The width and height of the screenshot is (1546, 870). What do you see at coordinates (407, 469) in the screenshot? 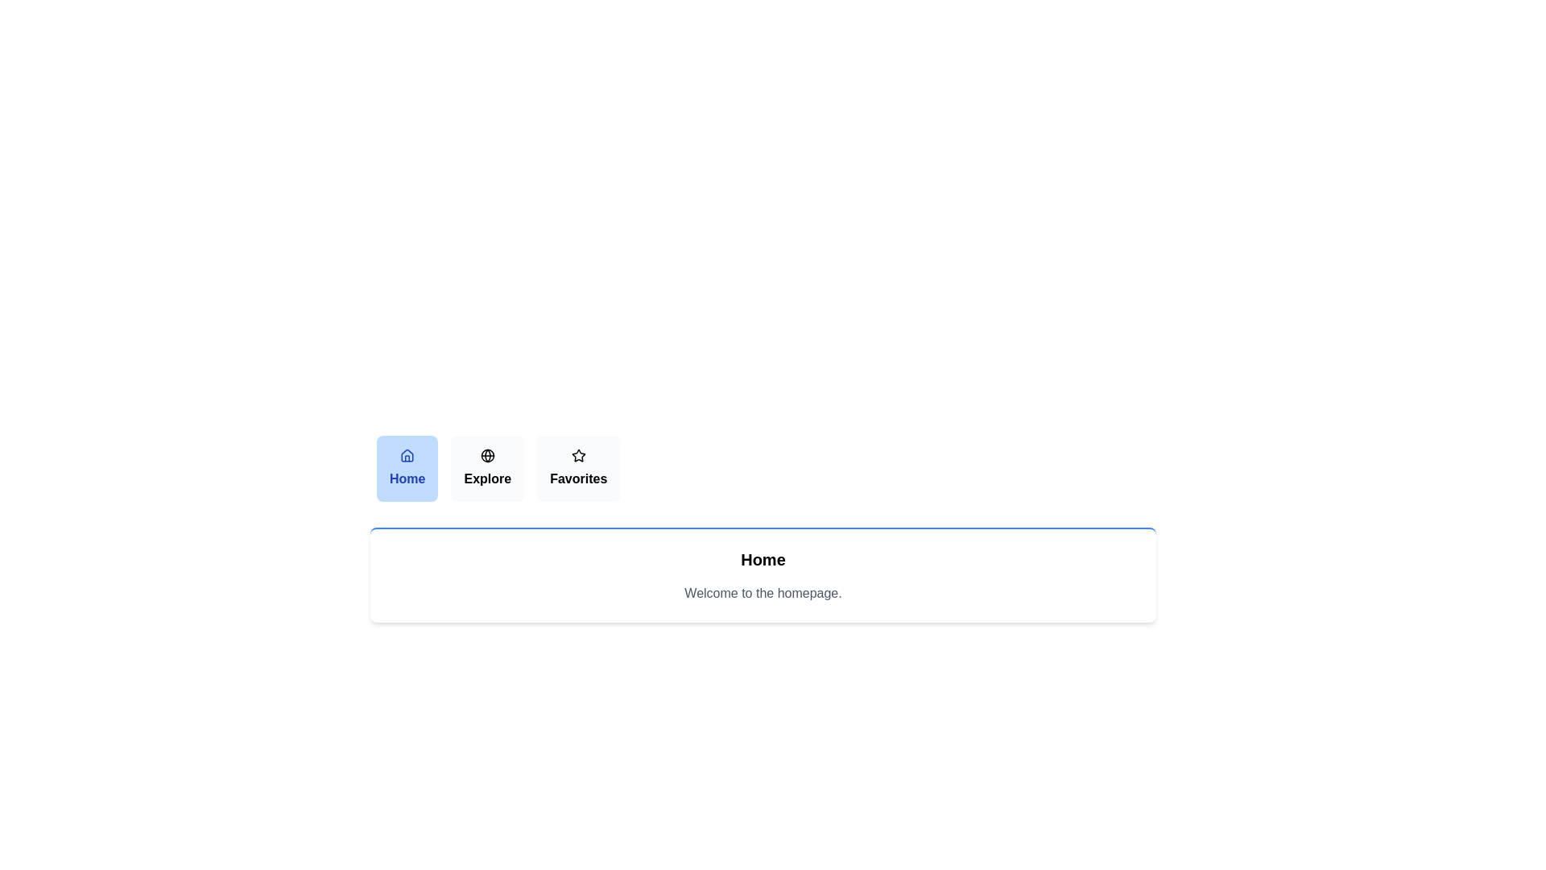
I see `the Home tab by clicking on its button` at bounding box center [407, 469].